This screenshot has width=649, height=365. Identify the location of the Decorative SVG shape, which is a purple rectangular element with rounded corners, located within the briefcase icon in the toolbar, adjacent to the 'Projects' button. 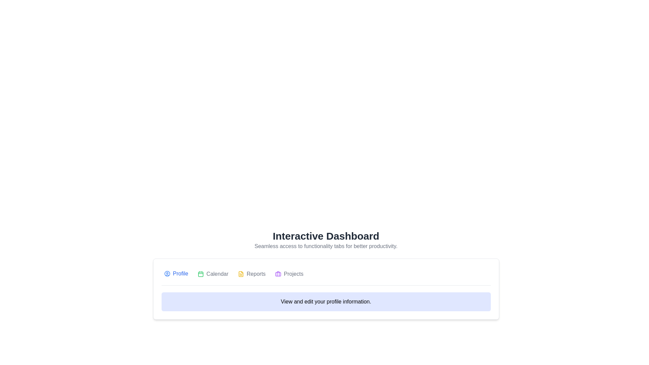
(278, 274).